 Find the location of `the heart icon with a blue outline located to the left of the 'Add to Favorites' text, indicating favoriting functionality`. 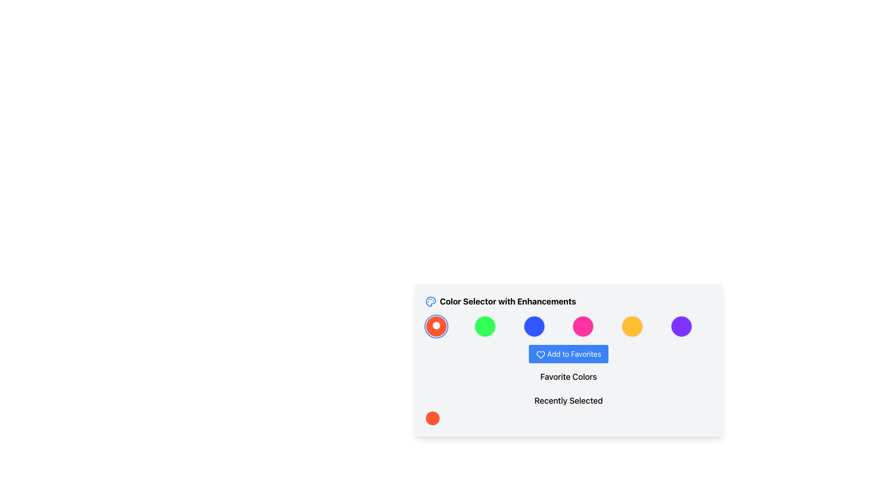

the heart icon with a blue outline located to the left of the 'Add to Favorites' text, indicating favoriting functionality is located at coordinates (540, 354).